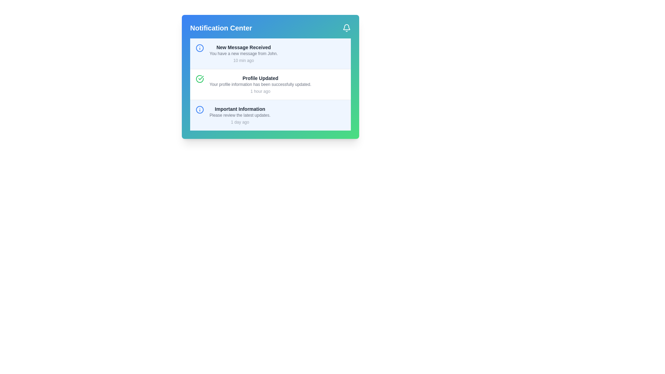 Image resolution: width=665 pixels, height=374 pixels. What do you see at coordinates (243, 47) in the screenshot?
I see `the text component displaying 'New Message Received' in the Notification Center interface` at bounding box center [243, 47].